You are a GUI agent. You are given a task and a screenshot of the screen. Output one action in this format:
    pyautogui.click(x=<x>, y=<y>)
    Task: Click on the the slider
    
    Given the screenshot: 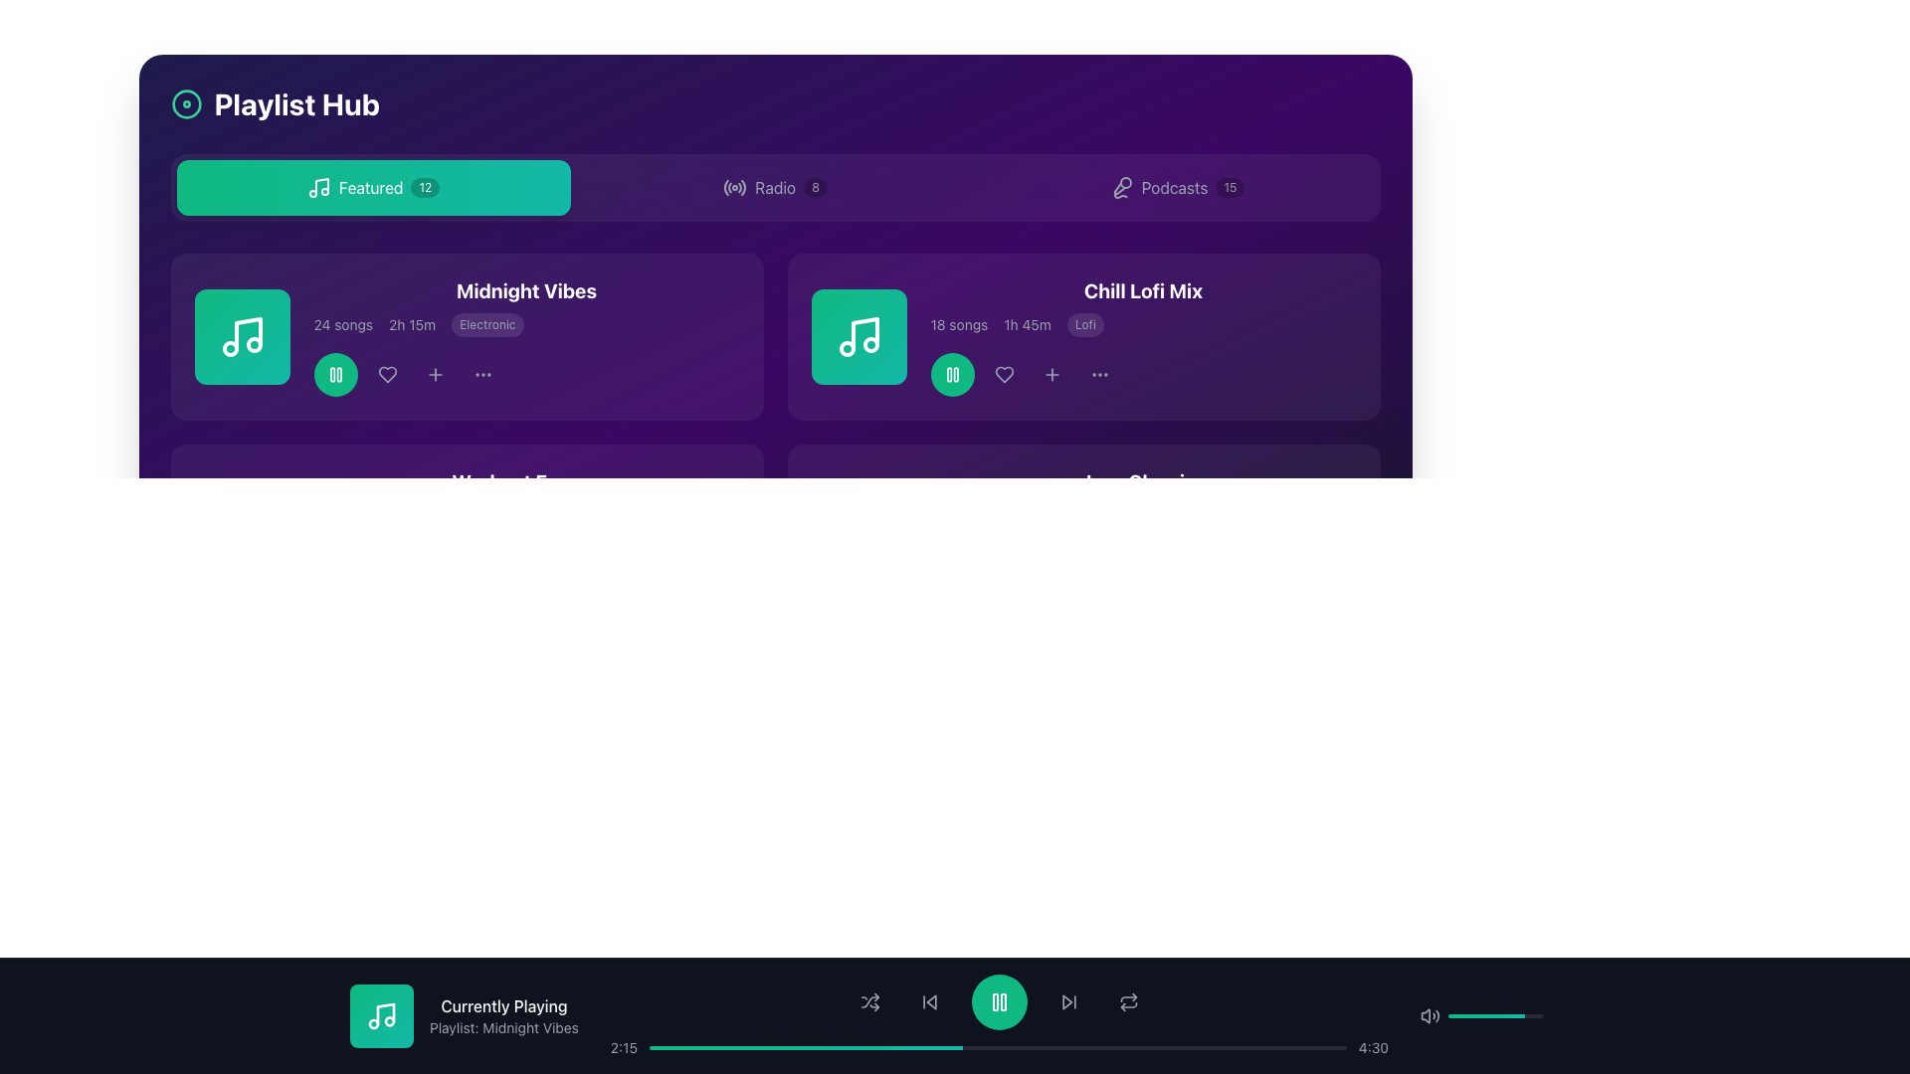 What is the action you would take?
    pyautogui.click(x=1486, y=1016)
    